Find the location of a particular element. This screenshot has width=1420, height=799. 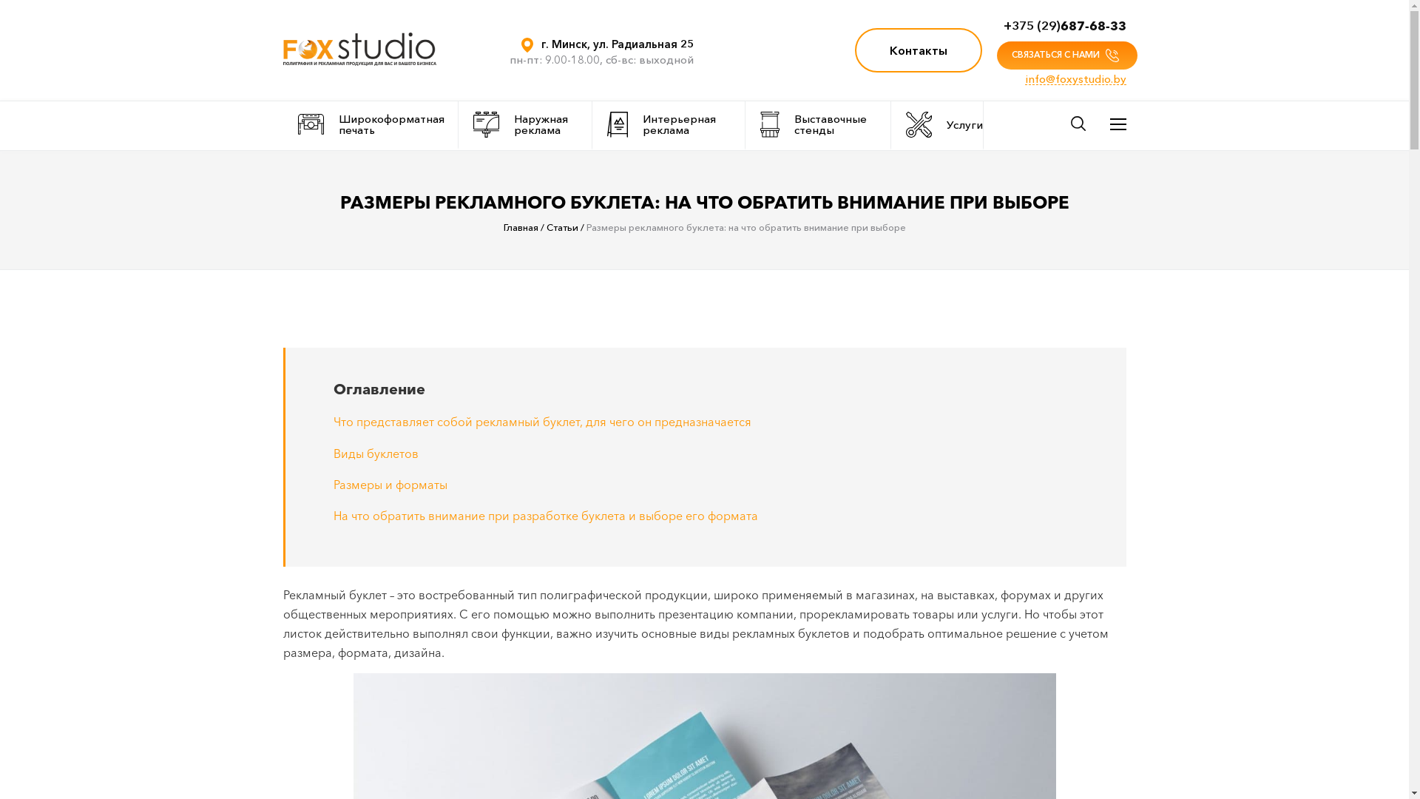

'+375 (29)687-68-33' is located at coordinates (1064, 25).